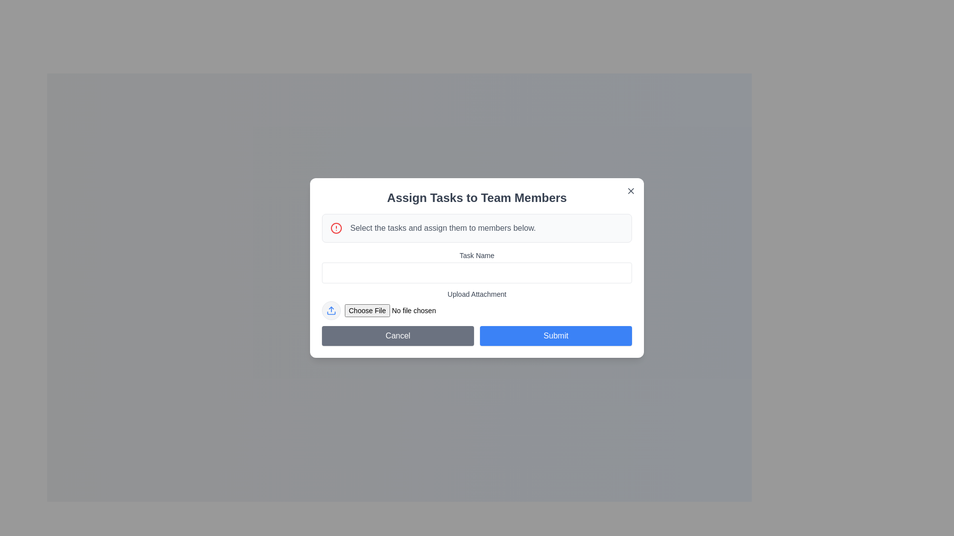 The height and width of the screenshot is (536, 954). I want to click on the file input field labeled 'Upload Attachment' for accessibility navigation, so click(477, 304).